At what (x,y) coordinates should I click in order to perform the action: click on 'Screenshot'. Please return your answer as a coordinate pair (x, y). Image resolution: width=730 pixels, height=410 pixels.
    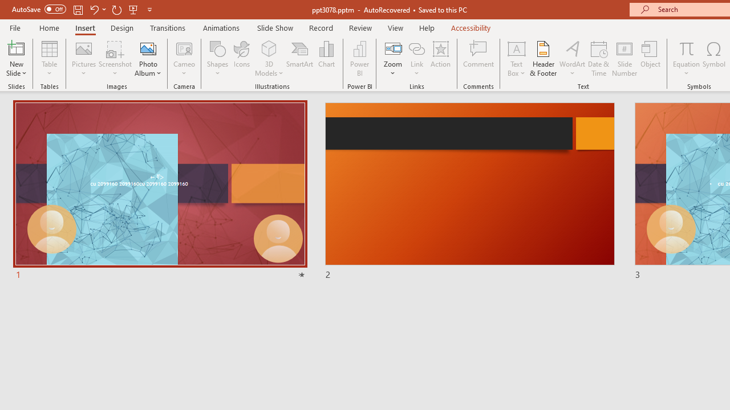
    Looking at the image, I should click on (115, 59).